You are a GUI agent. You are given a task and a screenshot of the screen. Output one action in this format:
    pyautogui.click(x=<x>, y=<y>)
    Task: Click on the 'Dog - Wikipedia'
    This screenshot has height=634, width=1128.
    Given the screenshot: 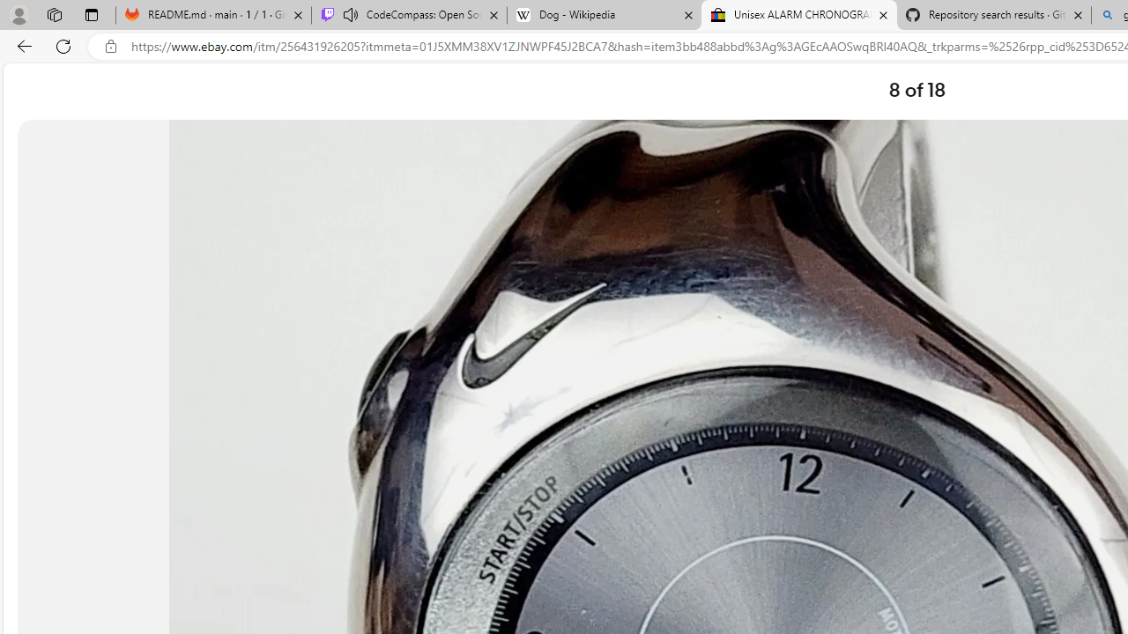 What is the action you would take?
    pyautogui.click(x=605, y=15)
    